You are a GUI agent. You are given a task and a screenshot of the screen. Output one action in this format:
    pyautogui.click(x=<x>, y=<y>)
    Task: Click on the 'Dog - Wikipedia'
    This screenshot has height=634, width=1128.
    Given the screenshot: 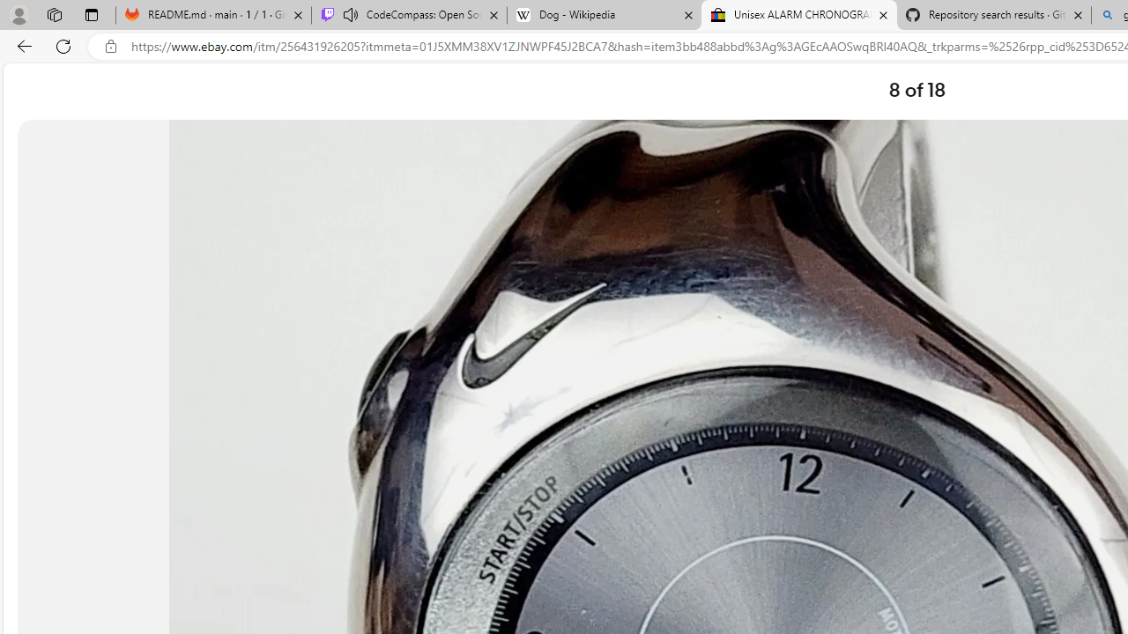 What is the action you would take?
    pyautogui.click(x=605, y=15)
    